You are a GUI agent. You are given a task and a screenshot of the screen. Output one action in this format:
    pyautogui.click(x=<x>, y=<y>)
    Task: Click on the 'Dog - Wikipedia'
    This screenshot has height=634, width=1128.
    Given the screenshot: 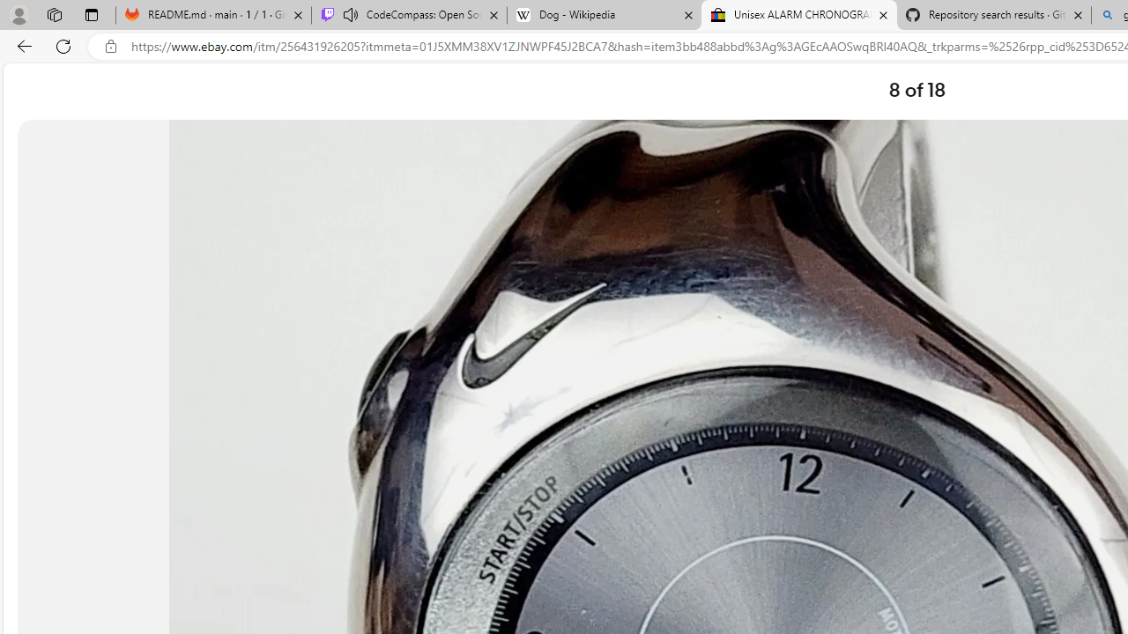 What is the action you would take?
    pyautogui.click(x=605, y=15)
    